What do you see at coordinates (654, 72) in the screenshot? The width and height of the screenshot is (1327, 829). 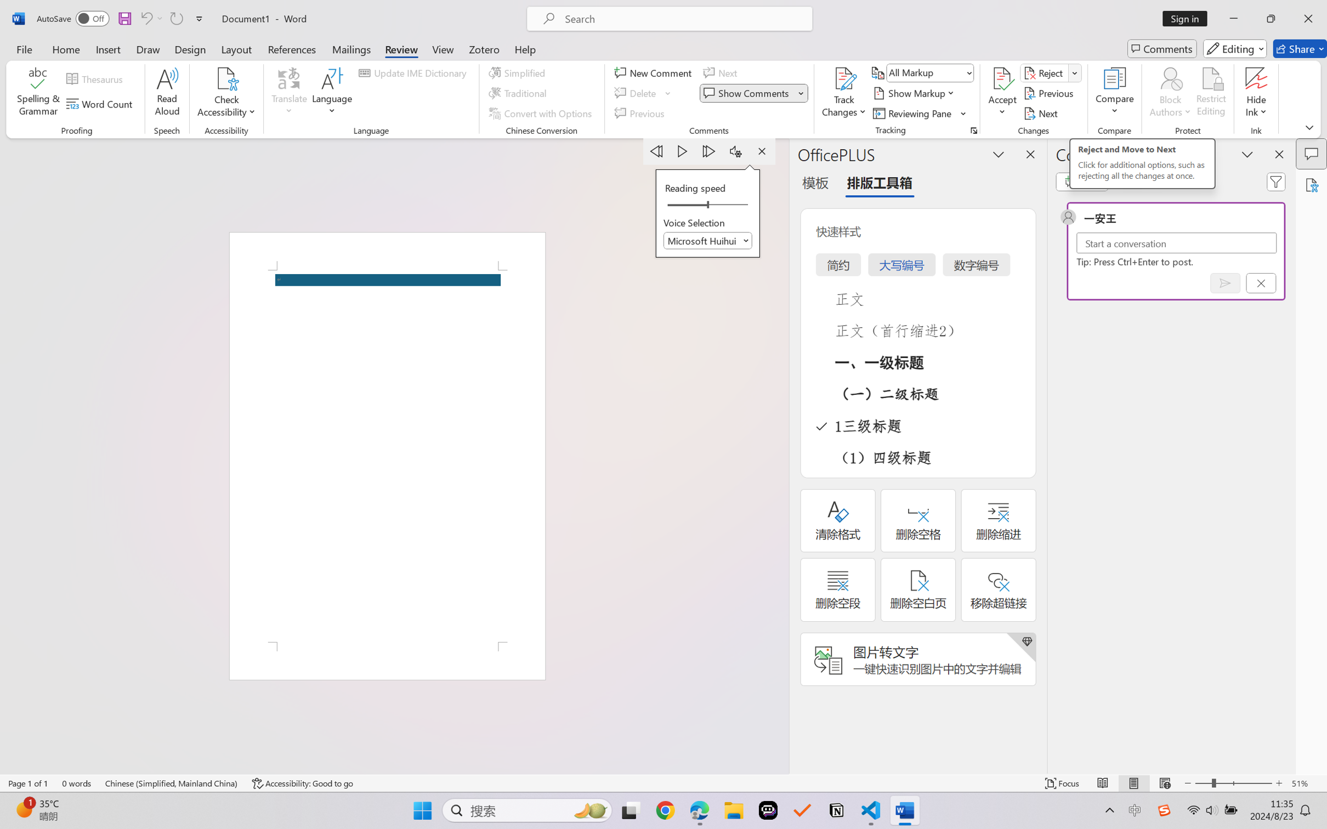 I see `'New Comment'` at bounding box center [654, 72].